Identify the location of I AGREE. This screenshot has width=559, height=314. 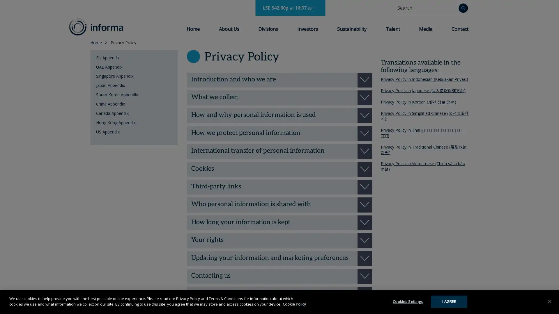
(449, 301).